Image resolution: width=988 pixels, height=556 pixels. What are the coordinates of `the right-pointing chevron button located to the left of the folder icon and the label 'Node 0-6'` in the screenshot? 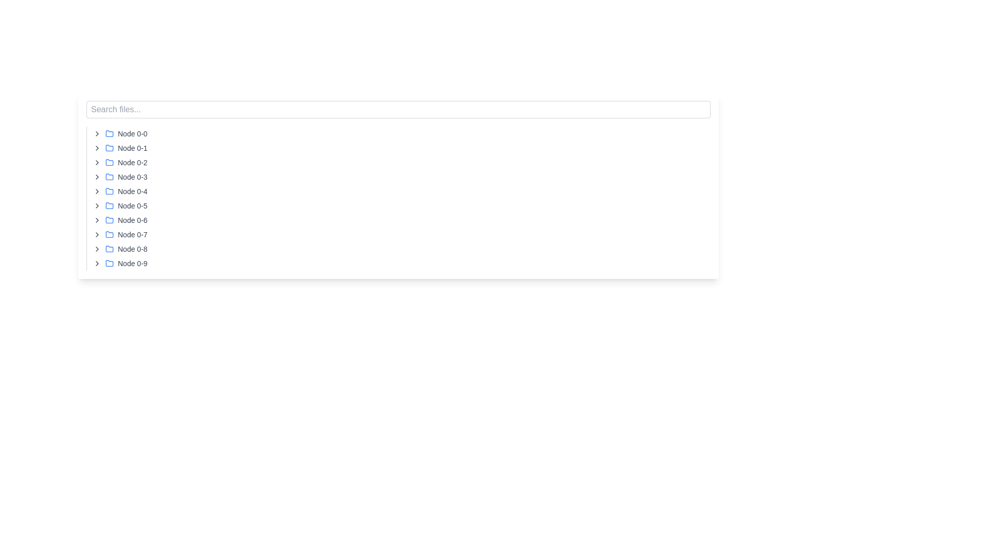 It's located at (97, 220).